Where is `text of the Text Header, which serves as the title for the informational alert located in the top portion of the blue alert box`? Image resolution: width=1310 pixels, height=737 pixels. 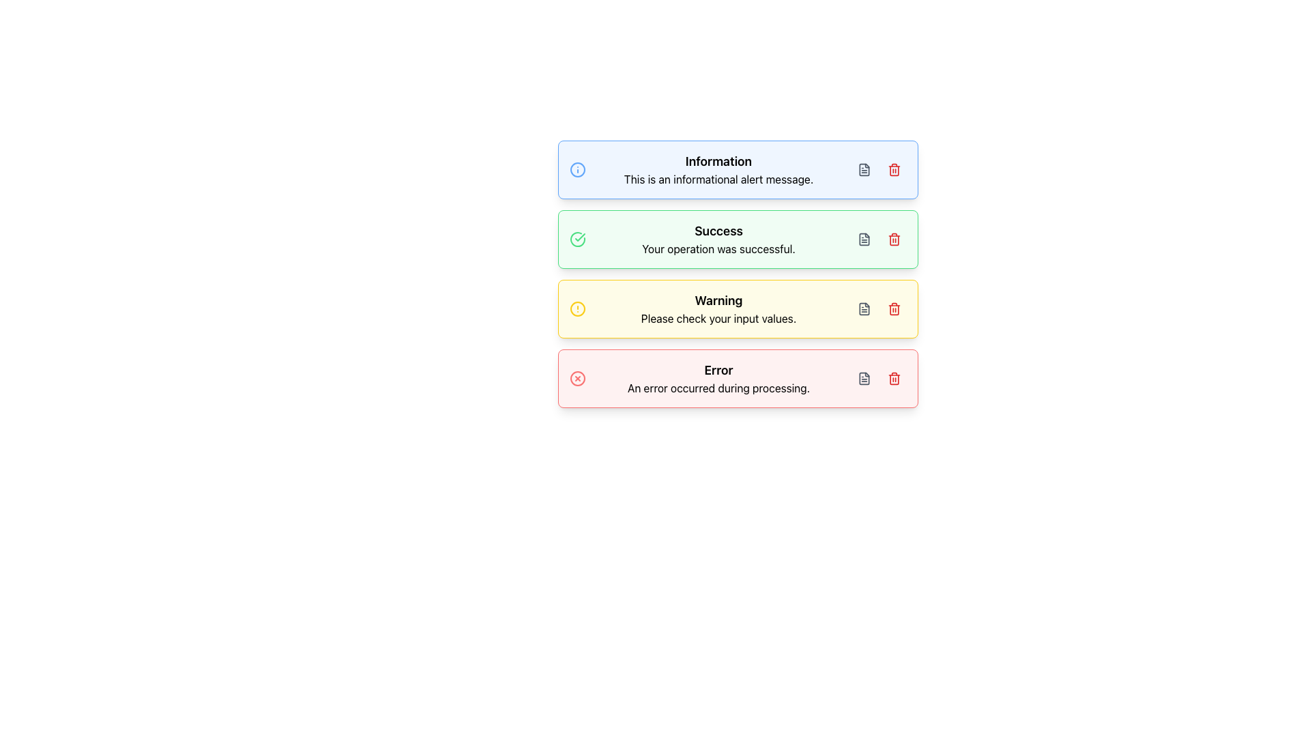
text of the Text Header, which serves as the title for the informational alert located in the top portion of the blue alert box is located at coordinates (718, 160).